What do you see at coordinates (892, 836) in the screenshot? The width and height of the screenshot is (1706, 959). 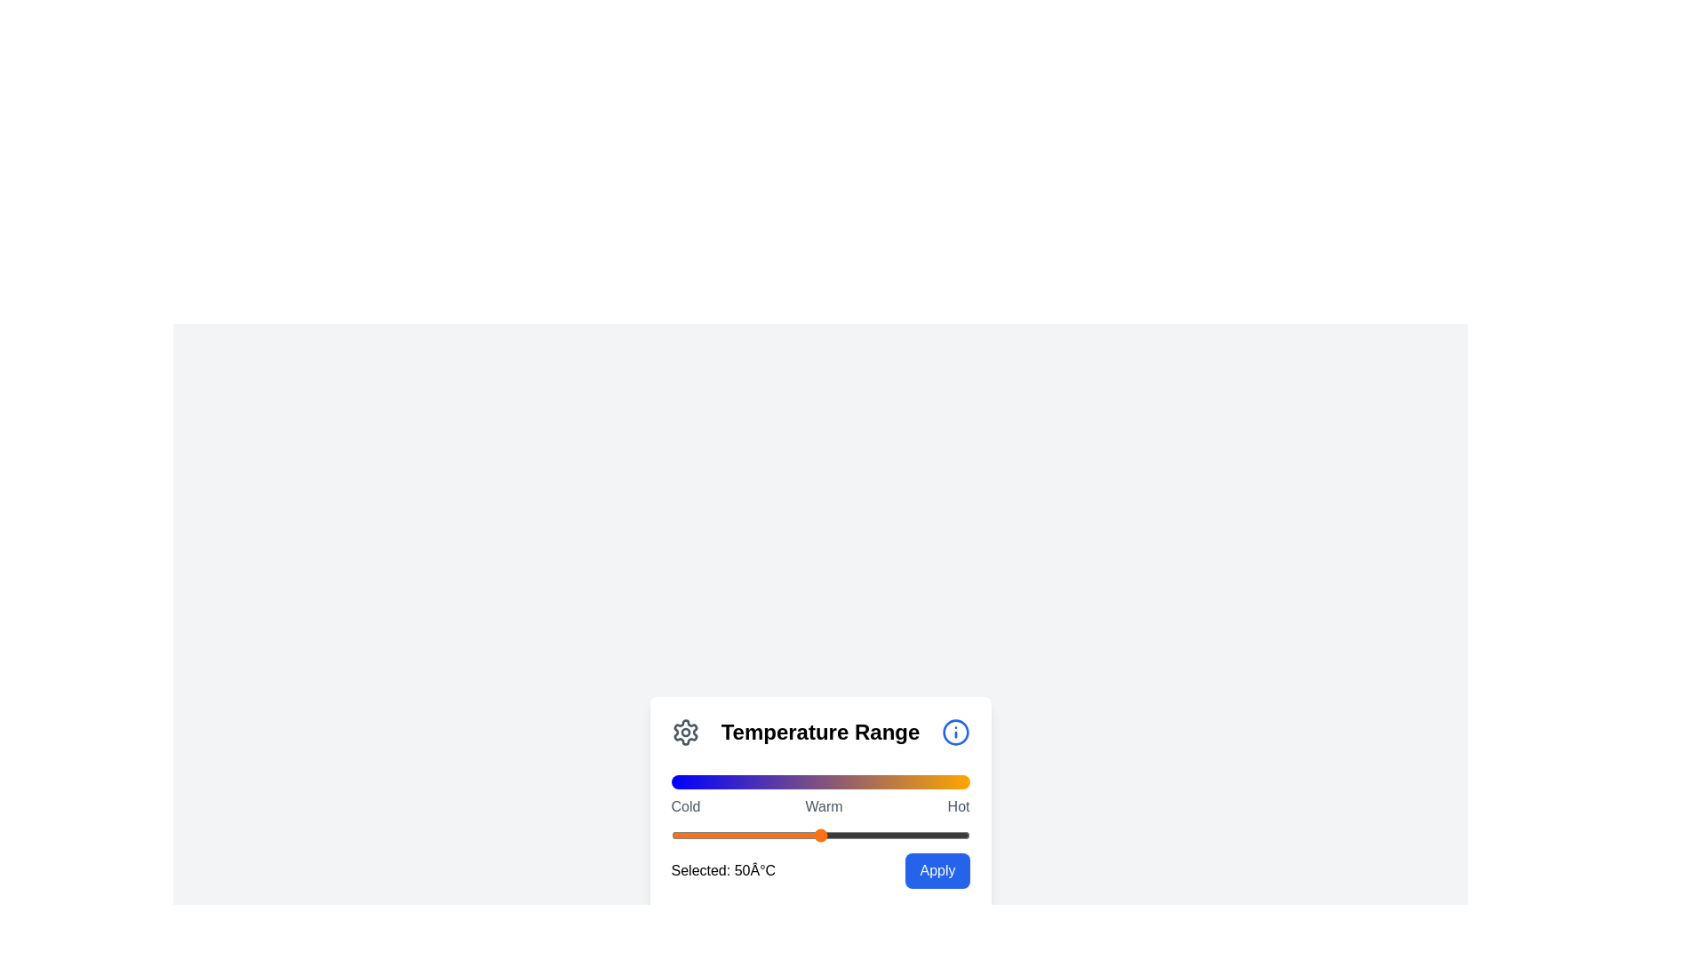 I see `the slider to set the temperature value to 74` at bounding box center [892, 836].